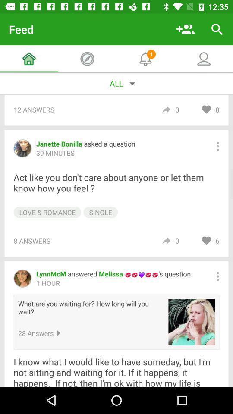 Image resolution: width=233 pixels, height=414 pixels. What do you see at coordinates (185, 29) in the screenshot?
I see `app to the right of feed` at bounding box center [185, 29].